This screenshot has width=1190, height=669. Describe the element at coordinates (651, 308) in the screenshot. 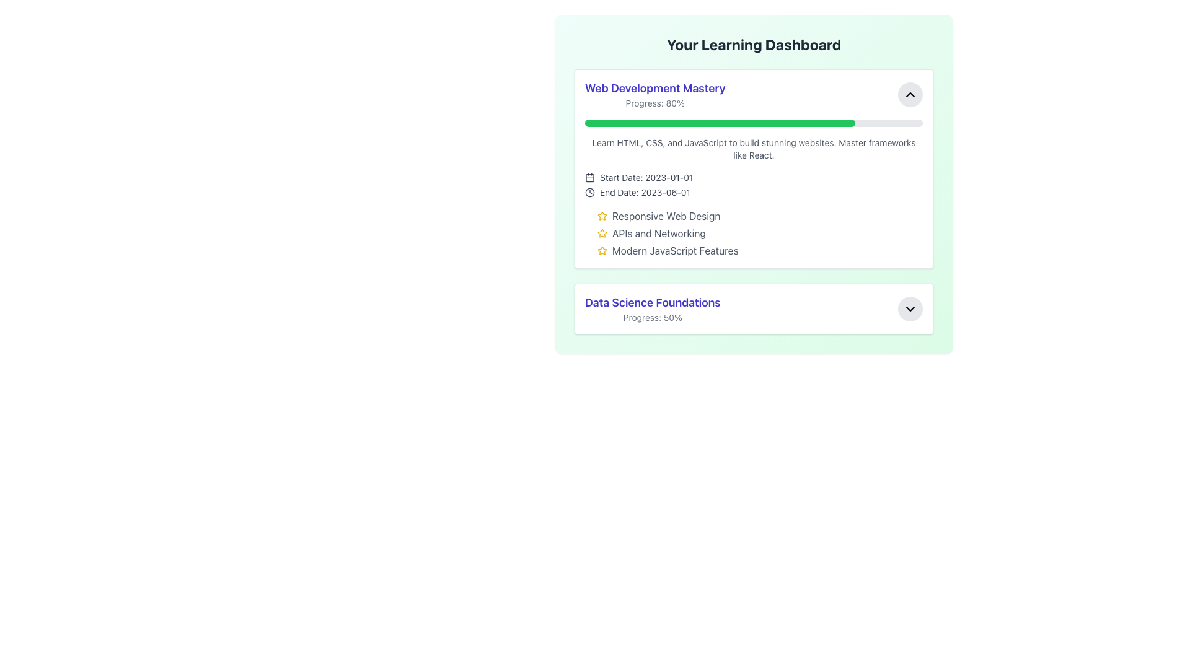

I see `the Textual Display Element that shows the title 'Data Science Foundations' and the subtitle 'Progress: 50%'` at that location.